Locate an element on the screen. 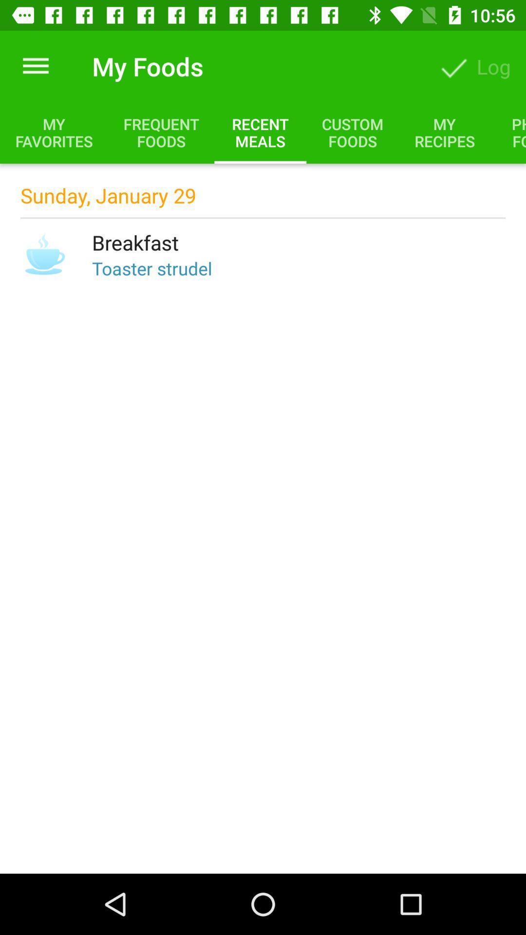  the item to the left of the my foods is located at coordinates (35, 66).